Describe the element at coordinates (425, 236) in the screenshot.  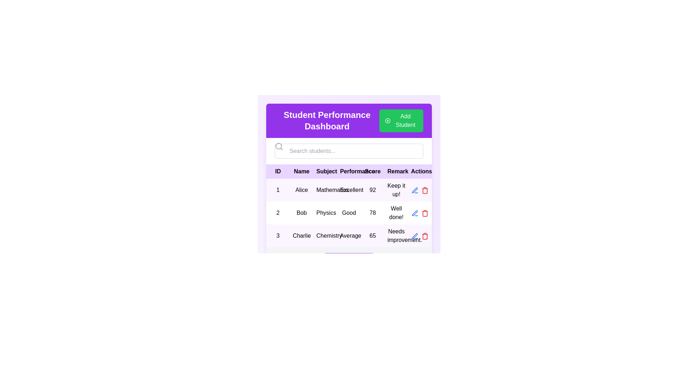
I see `the delete icon button located in the 'Actions' column of the third row of the table` at that location.